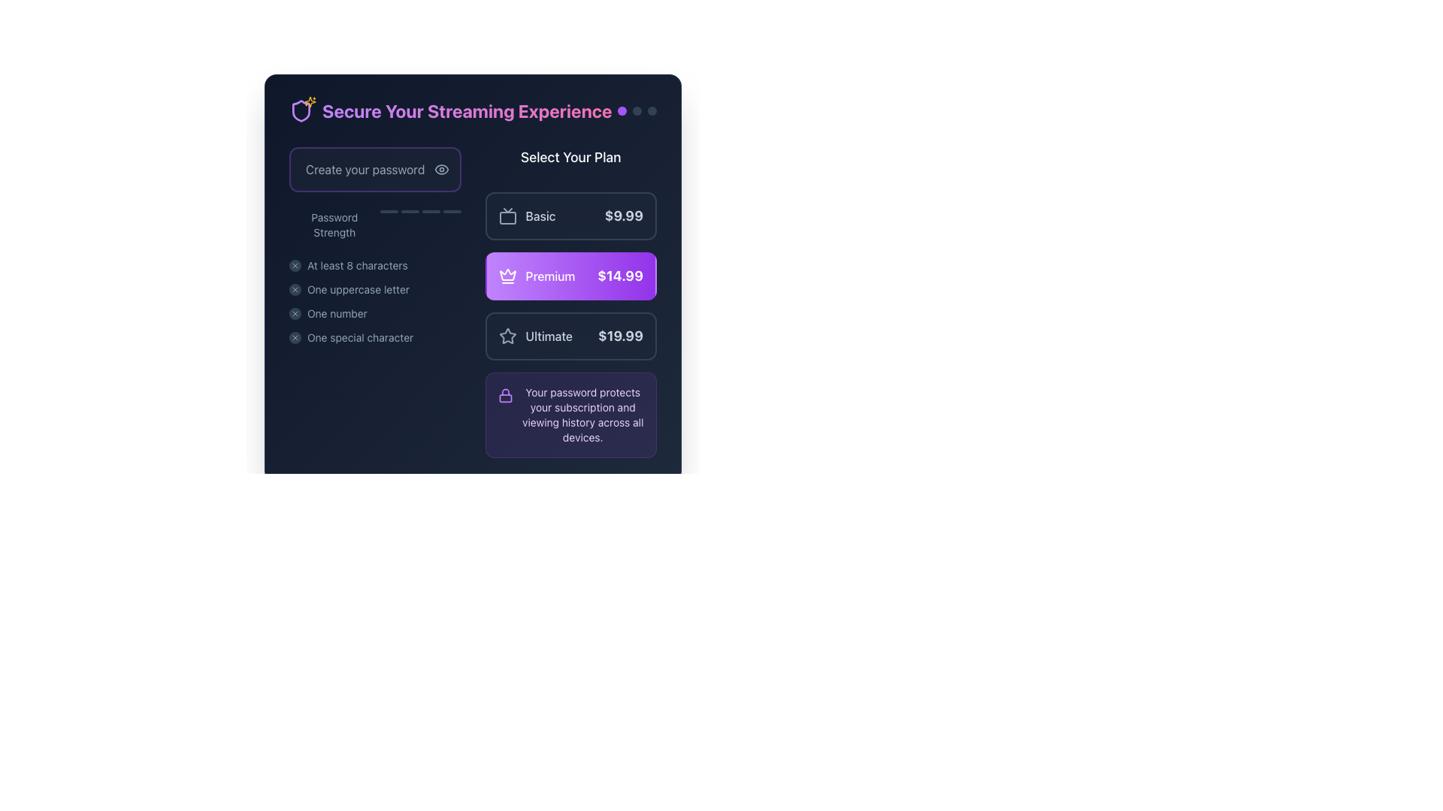  Describe the element at coordinates (295, 338) in the screenshot. I see `the small circular Icon indicator with a dark gray background and a light gray 'X' icon, located on the far left side of the text 'One special character' in the 'Password Strength' section` at that location.